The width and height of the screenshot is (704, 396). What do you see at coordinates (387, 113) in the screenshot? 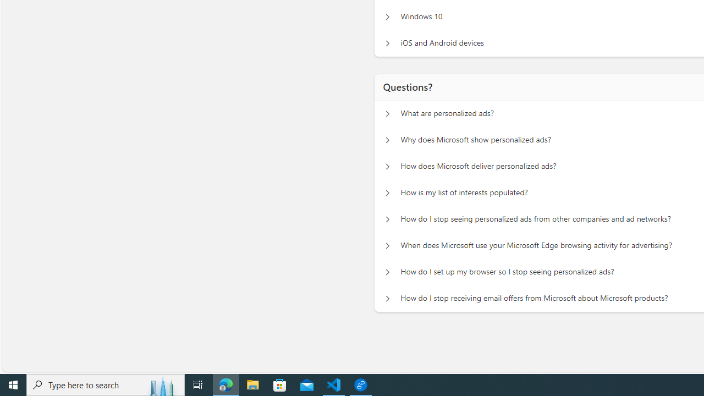
I see `'Questions? What are personalized ads?'` at bounding box center [387, 113].